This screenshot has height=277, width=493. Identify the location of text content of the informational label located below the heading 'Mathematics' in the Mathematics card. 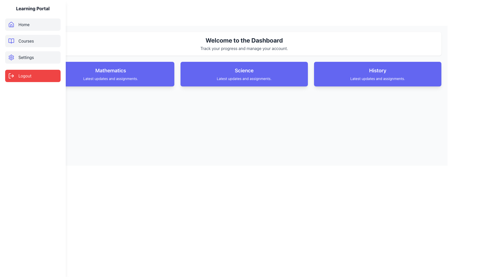
(110, 79).